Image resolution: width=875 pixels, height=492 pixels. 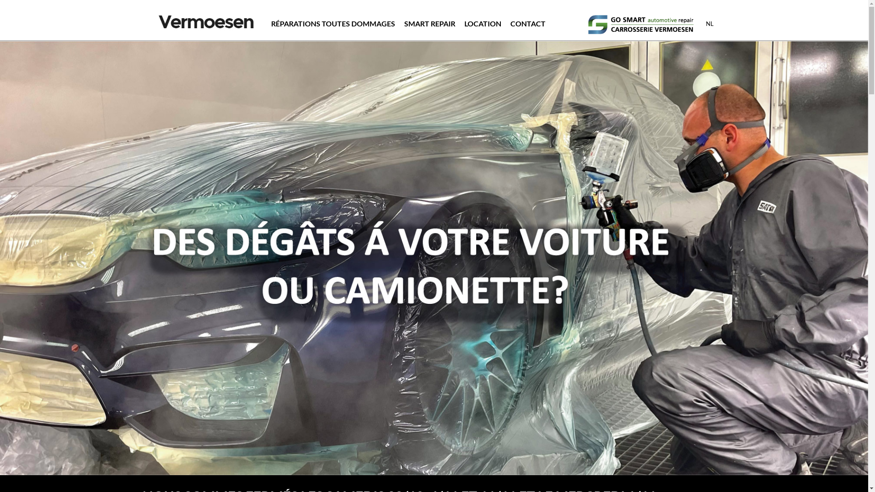 What do you see at coordinates (482, 23) in the screenshot?
I see `'LOCATION'` at bounding box center [482, 23].